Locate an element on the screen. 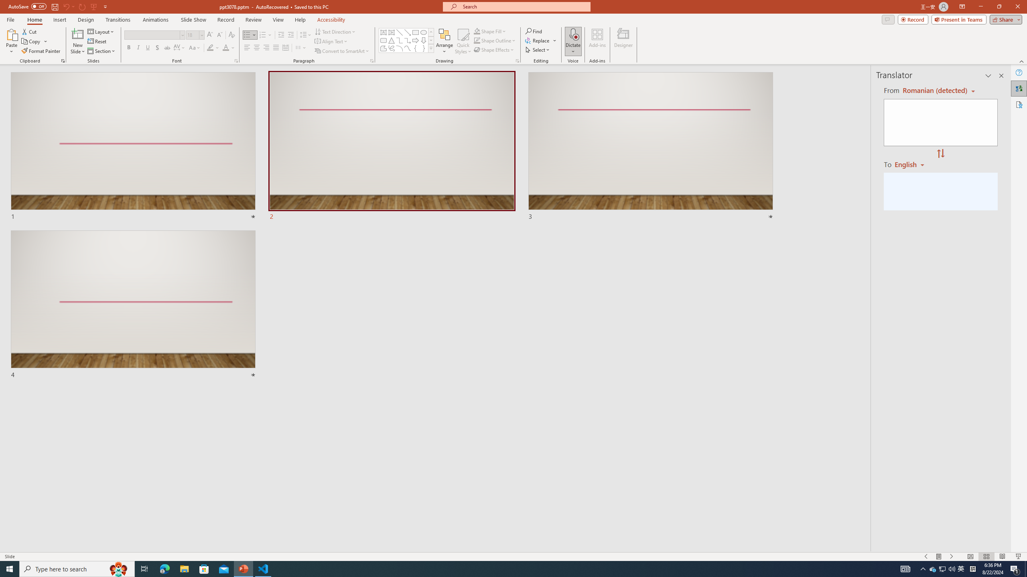  'Freeform: Shape' is located at coordinates (383, 48).